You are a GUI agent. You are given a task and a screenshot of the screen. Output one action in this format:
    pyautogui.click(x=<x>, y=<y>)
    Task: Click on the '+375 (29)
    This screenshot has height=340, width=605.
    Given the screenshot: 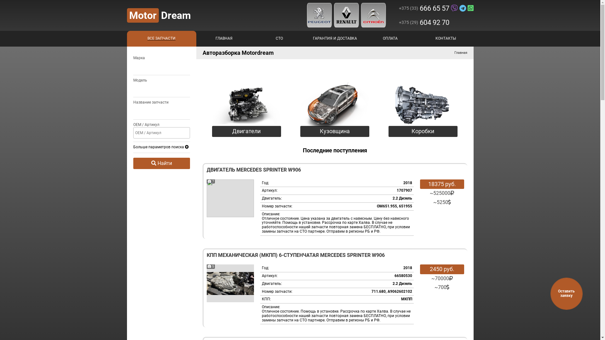 What is the action you would take?
    pyautogui.click(x=436, y=22)
    